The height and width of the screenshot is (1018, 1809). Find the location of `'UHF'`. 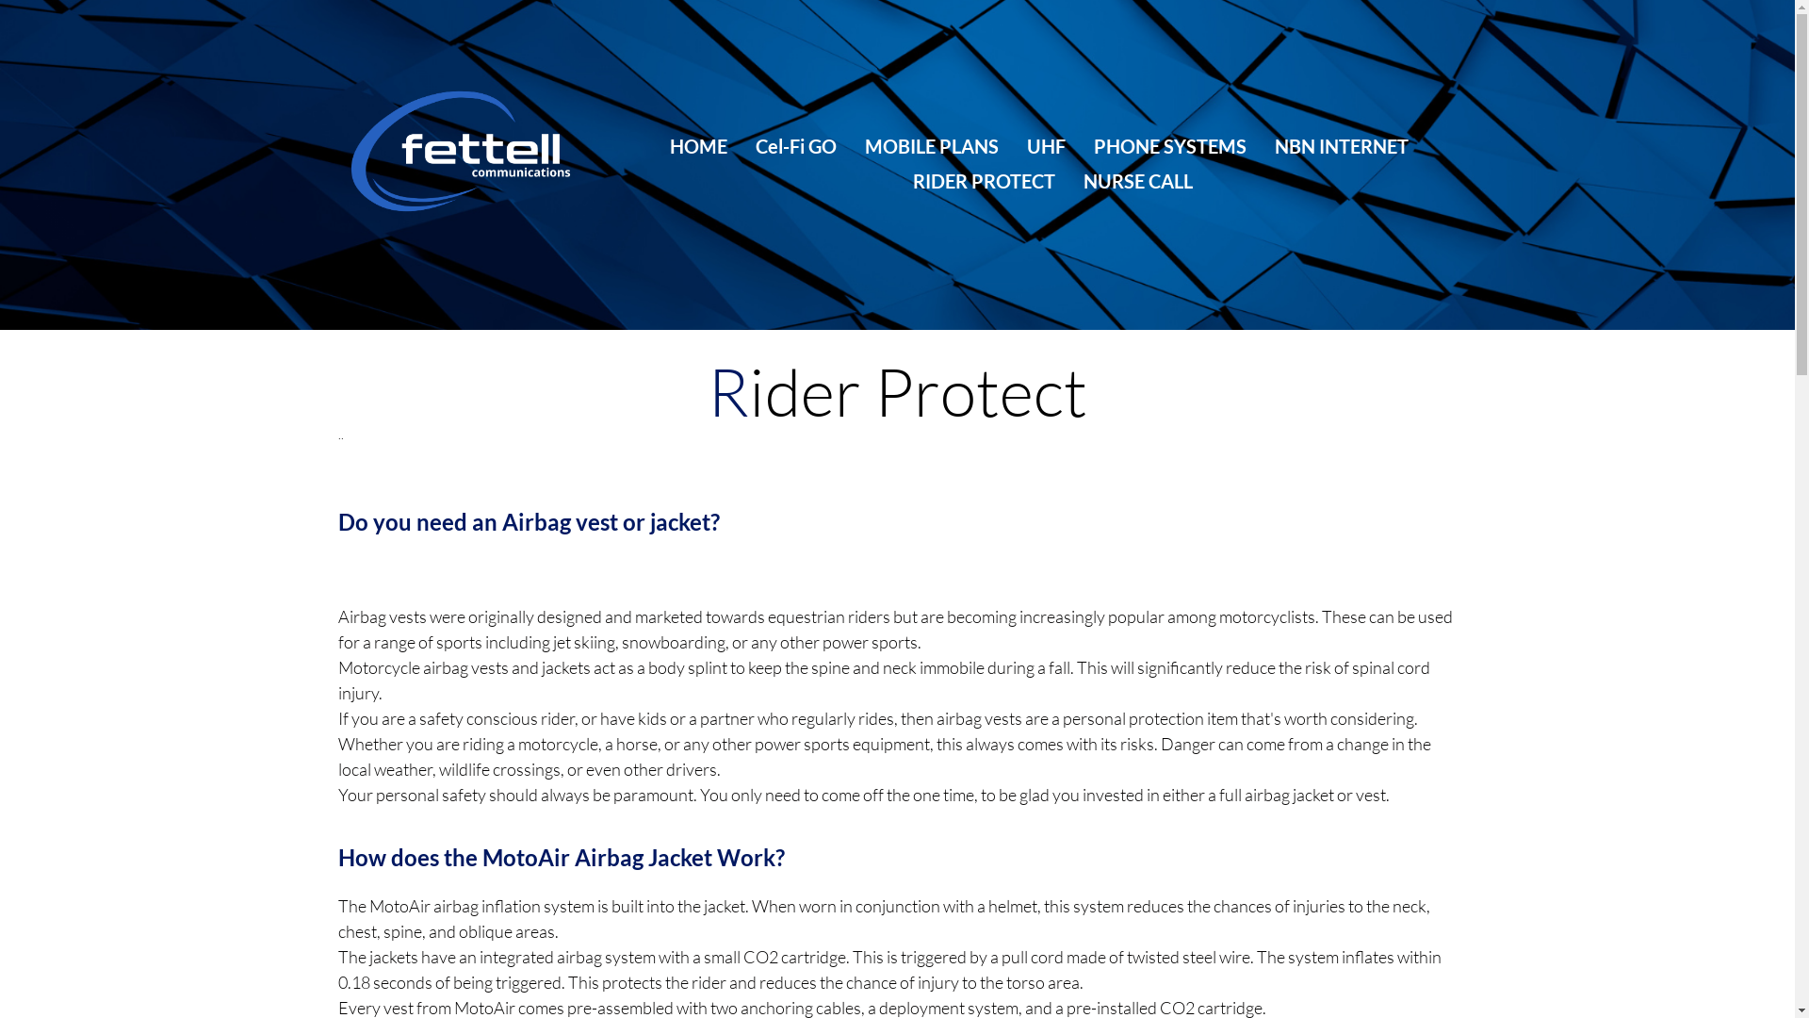

'UHF' is located at coordinates (1025, 146).